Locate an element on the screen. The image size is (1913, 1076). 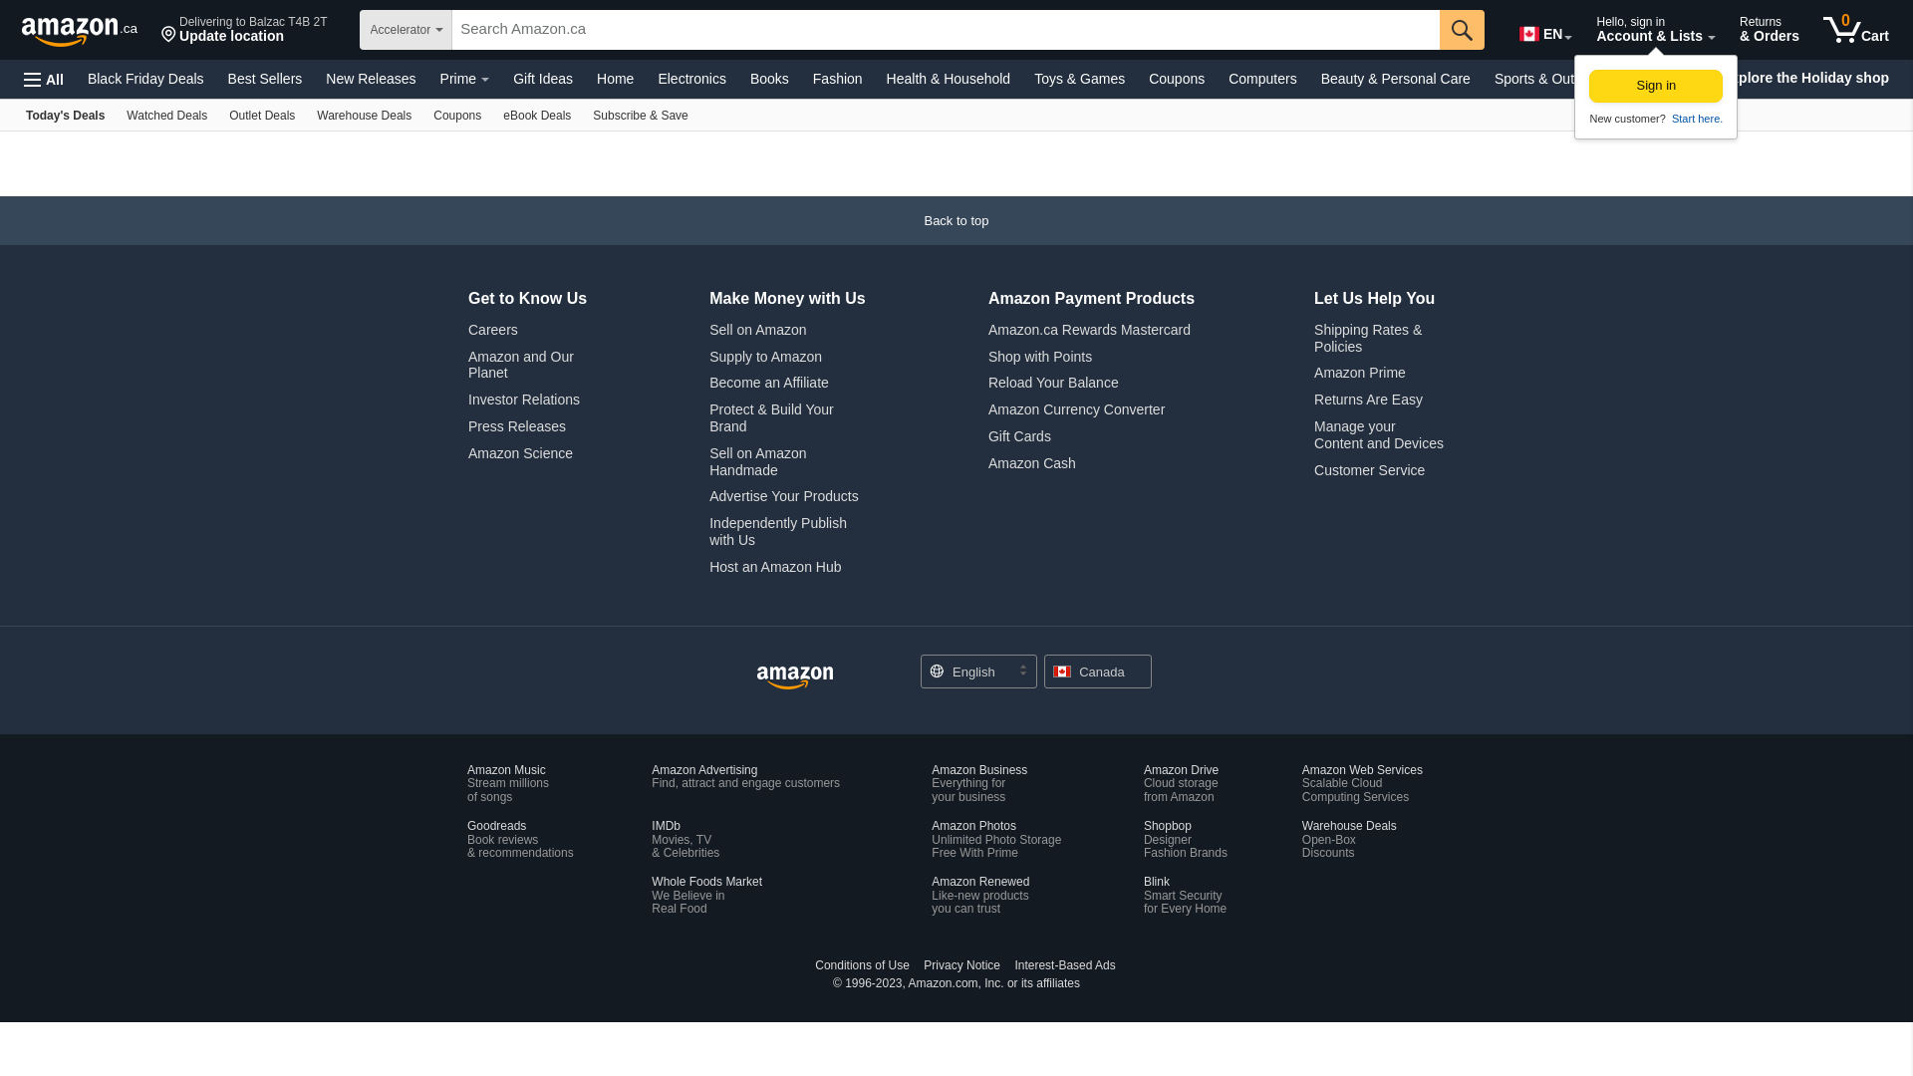
'Independently Publish with Us' is located at coordinates (777, 530).